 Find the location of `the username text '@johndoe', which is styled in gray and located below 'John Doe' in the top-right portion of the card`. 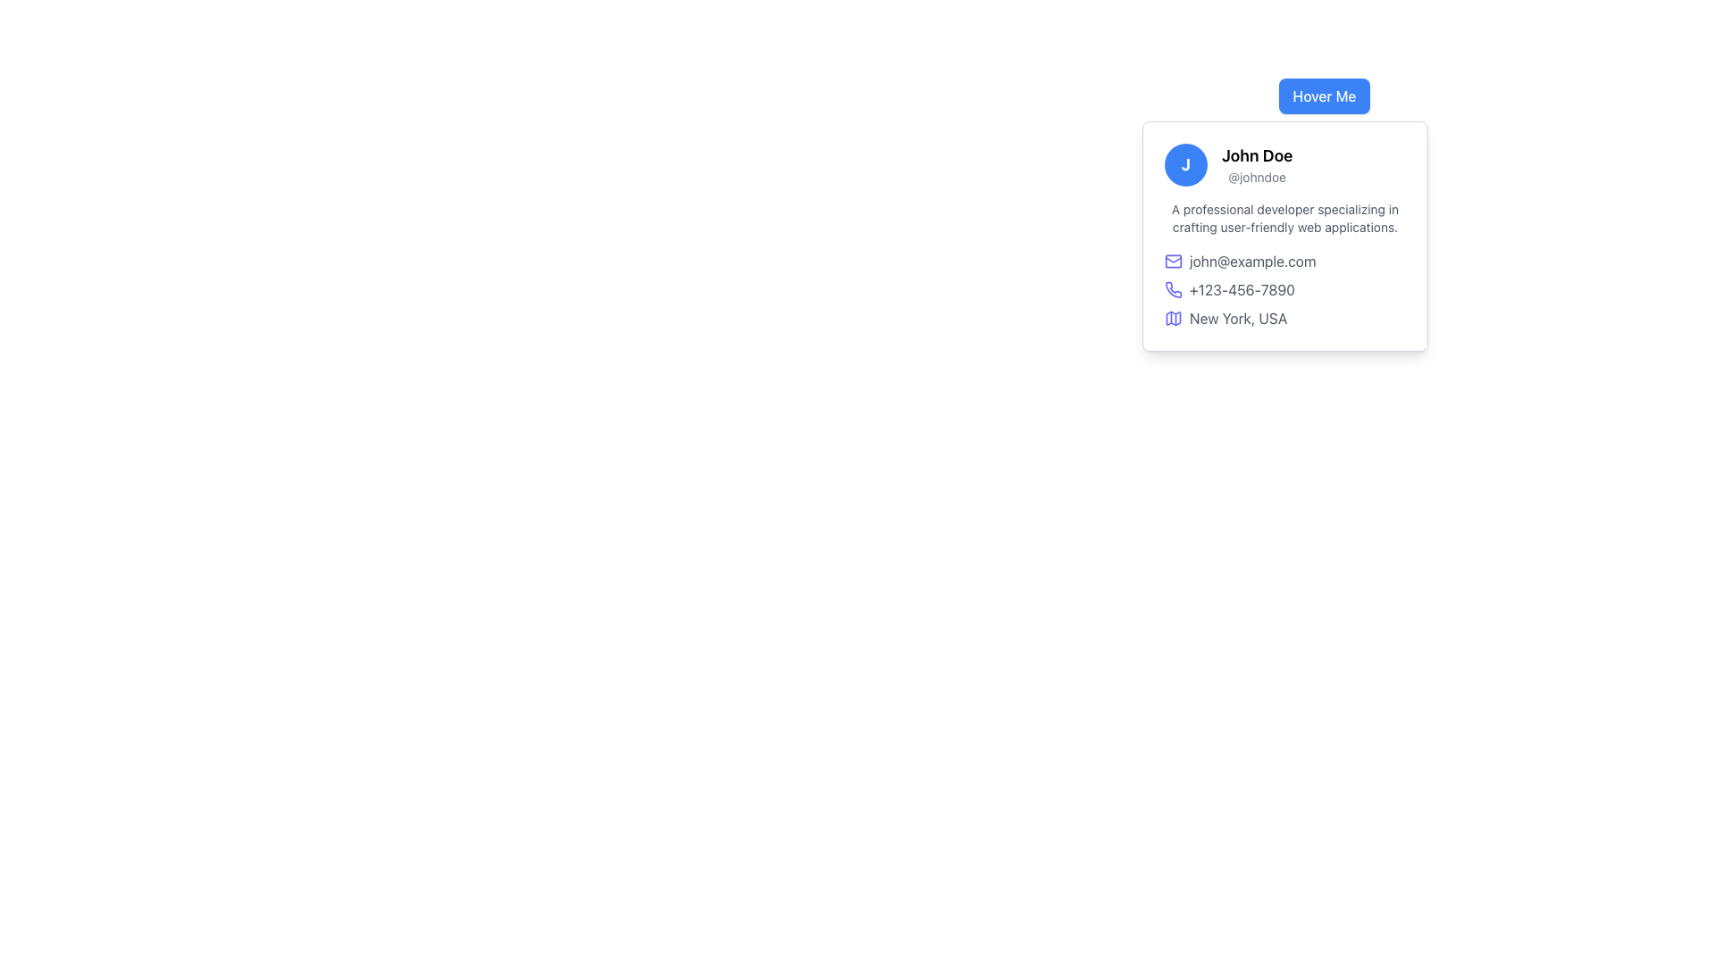

the username text '@johndoe', which is styled in gray and located below 'John Doe' in the top-right portion of the card is located at coordinates (1256, 178).